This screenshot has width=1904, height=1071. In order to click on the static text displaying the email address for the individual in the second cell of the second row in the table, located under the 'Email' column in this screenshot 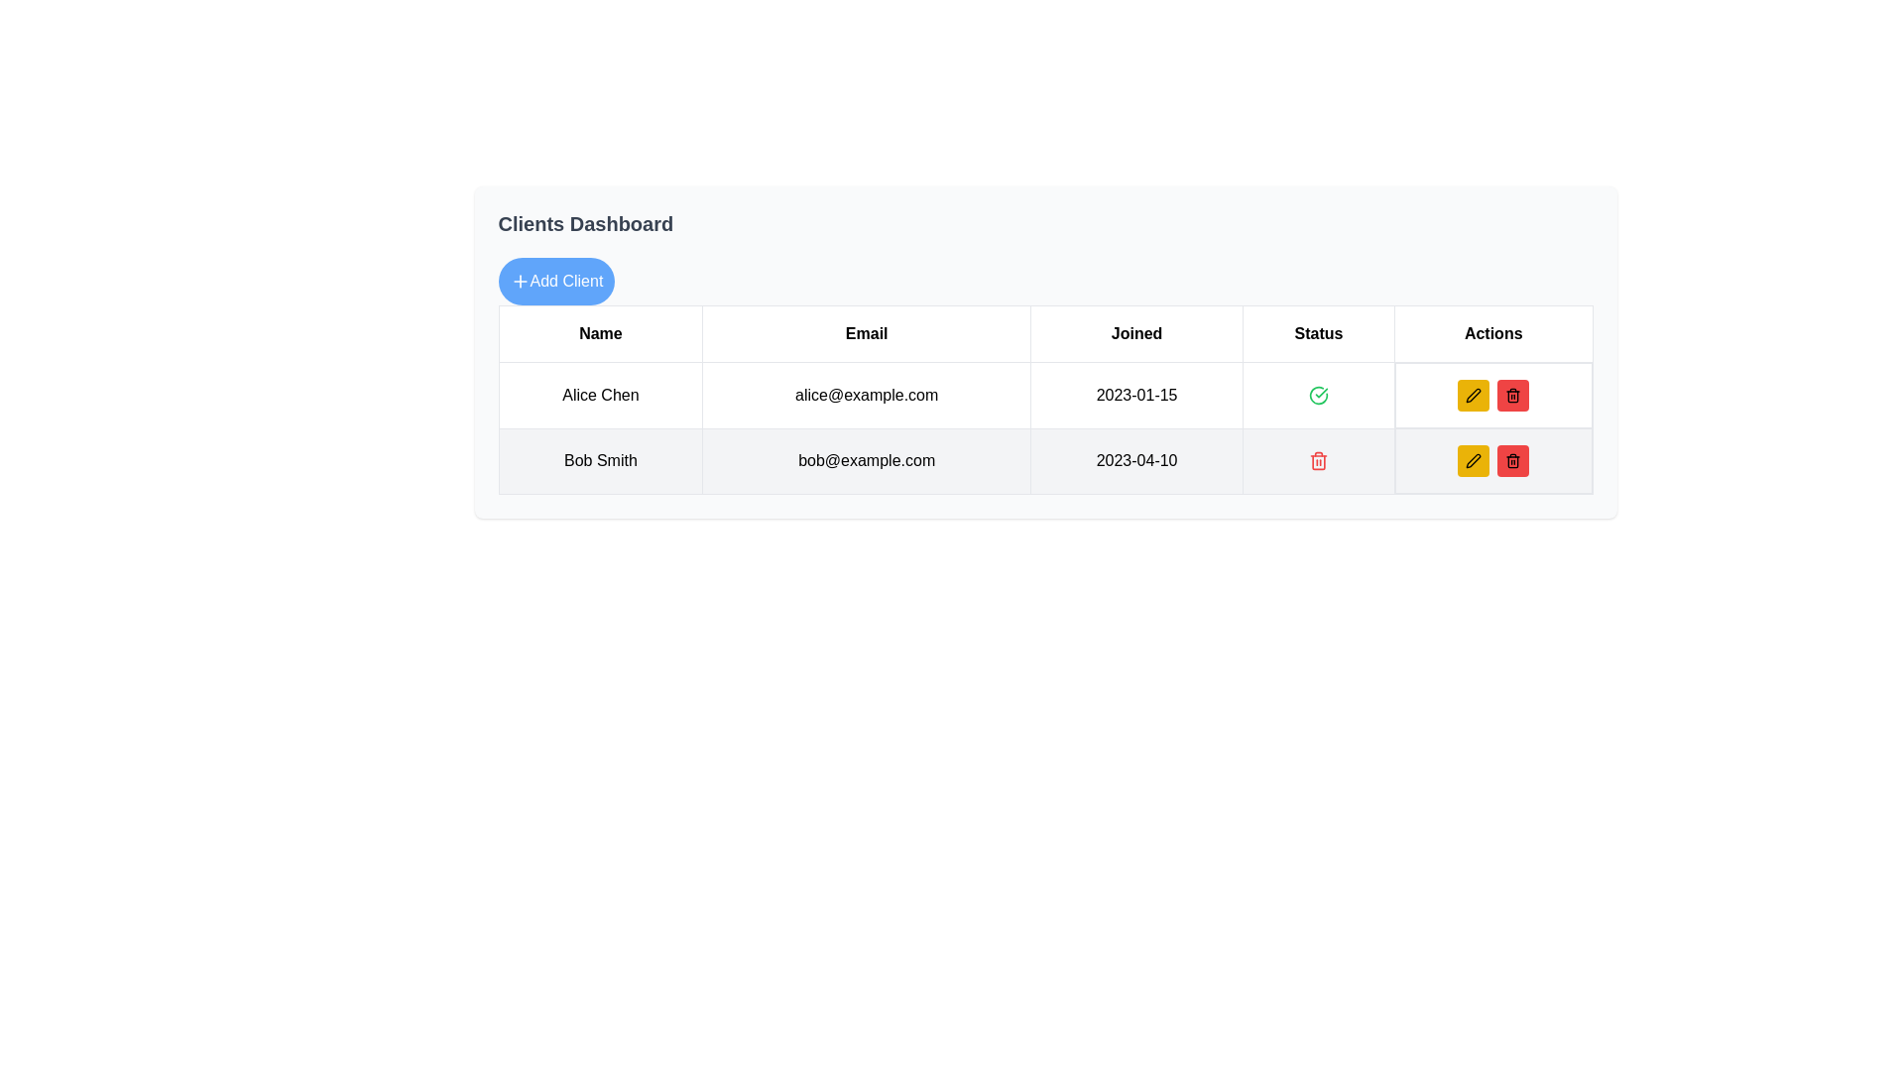, I will do `click(867, 461)`.